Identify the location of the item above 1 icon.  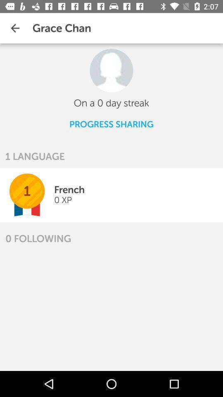
(34, 156).